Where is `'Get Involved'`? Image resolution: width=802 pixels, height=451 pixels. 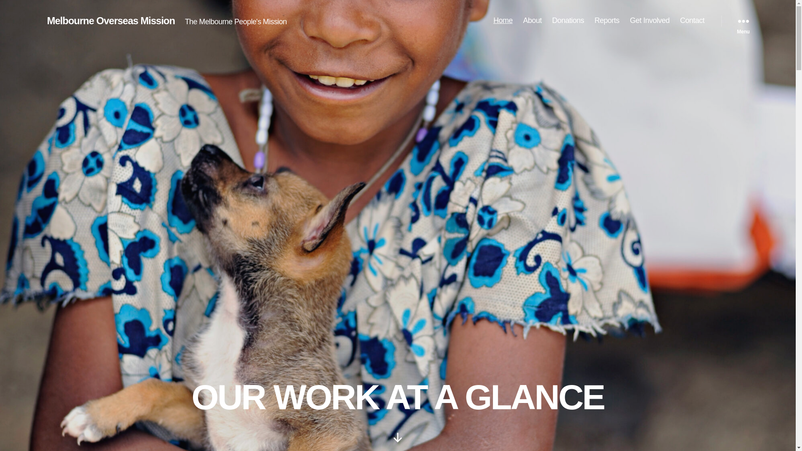
'Get Involved' is located at coordinates (649, 20).